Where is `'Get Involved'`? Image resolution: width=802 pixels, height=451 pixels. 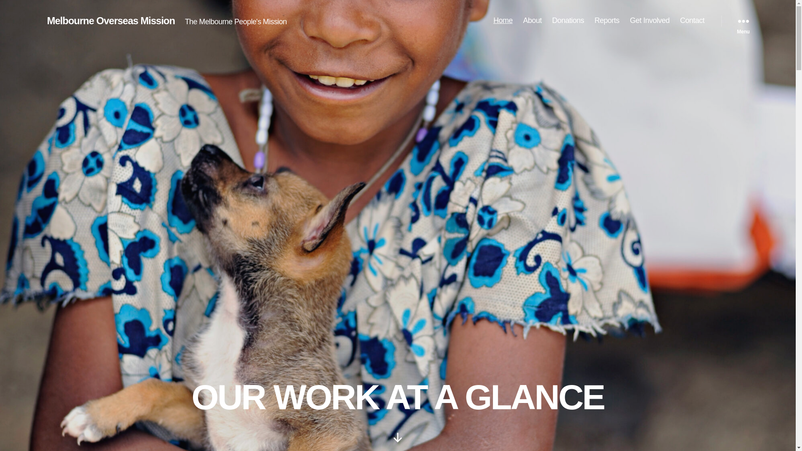
'Get Involved' is located at coordinates (649, 20).